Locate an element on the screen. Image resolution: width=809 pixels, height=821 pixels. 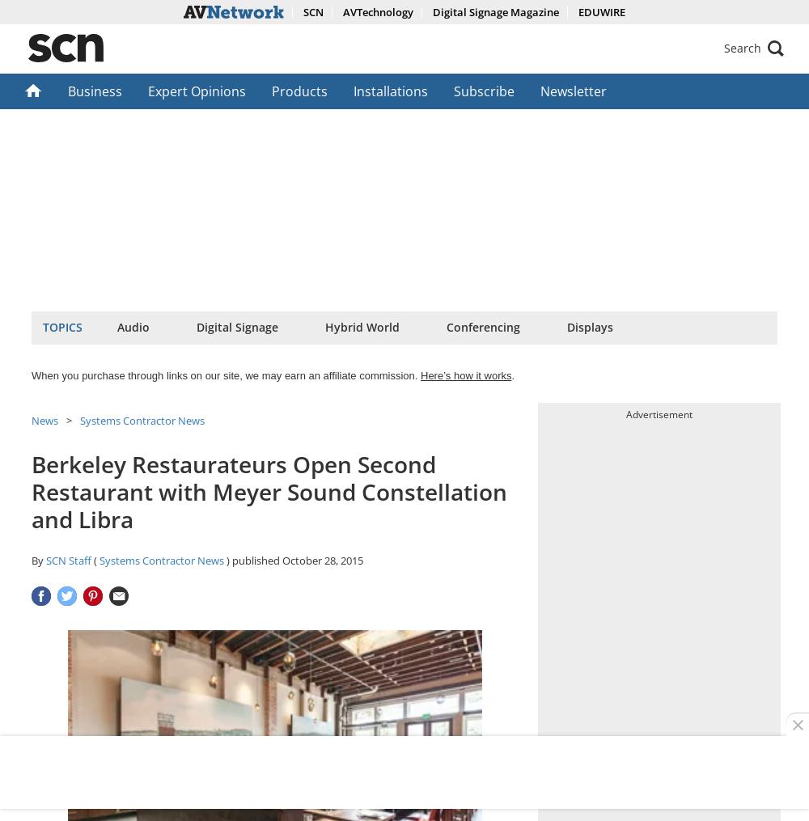
'Displays' is located at coordinates (589, 327).